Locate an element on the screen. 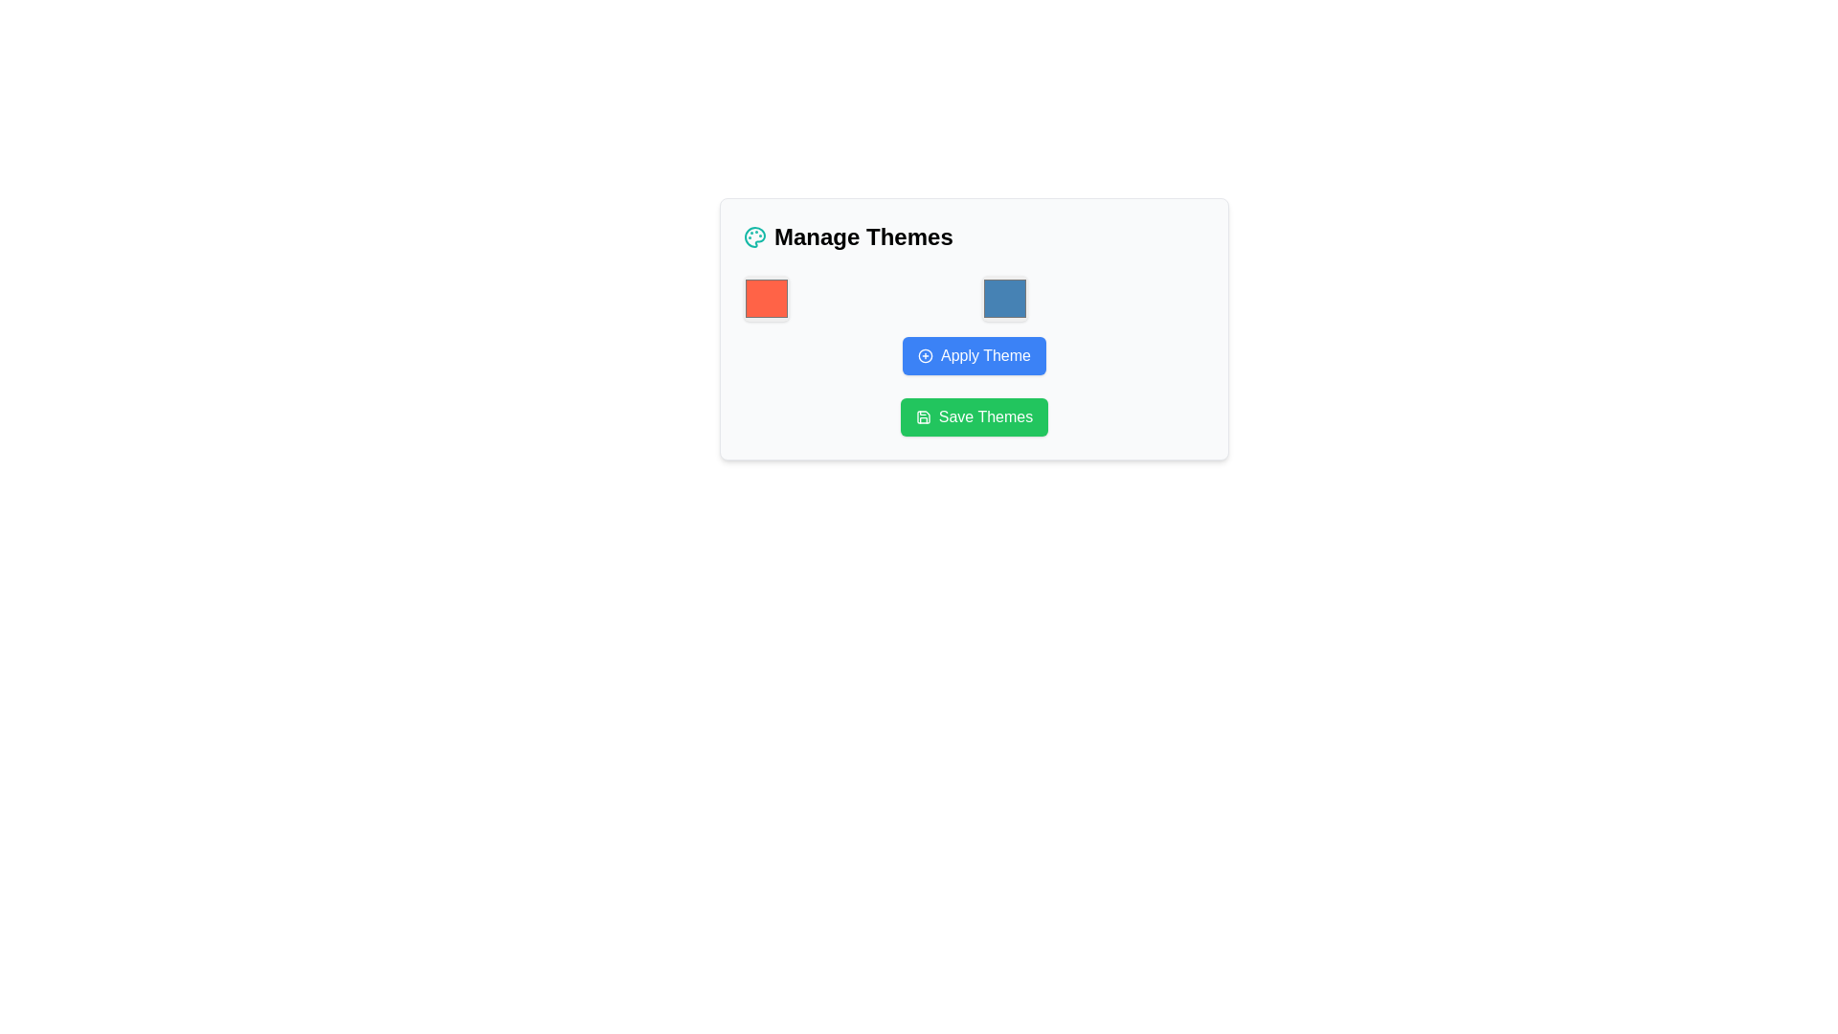 This screenshot has height=1034, width=1838. the decorative icon located at the top-left corner of the blue 'Apply Theme' button, which enhances the theme's visual representation is located at coordinates (925, 355).